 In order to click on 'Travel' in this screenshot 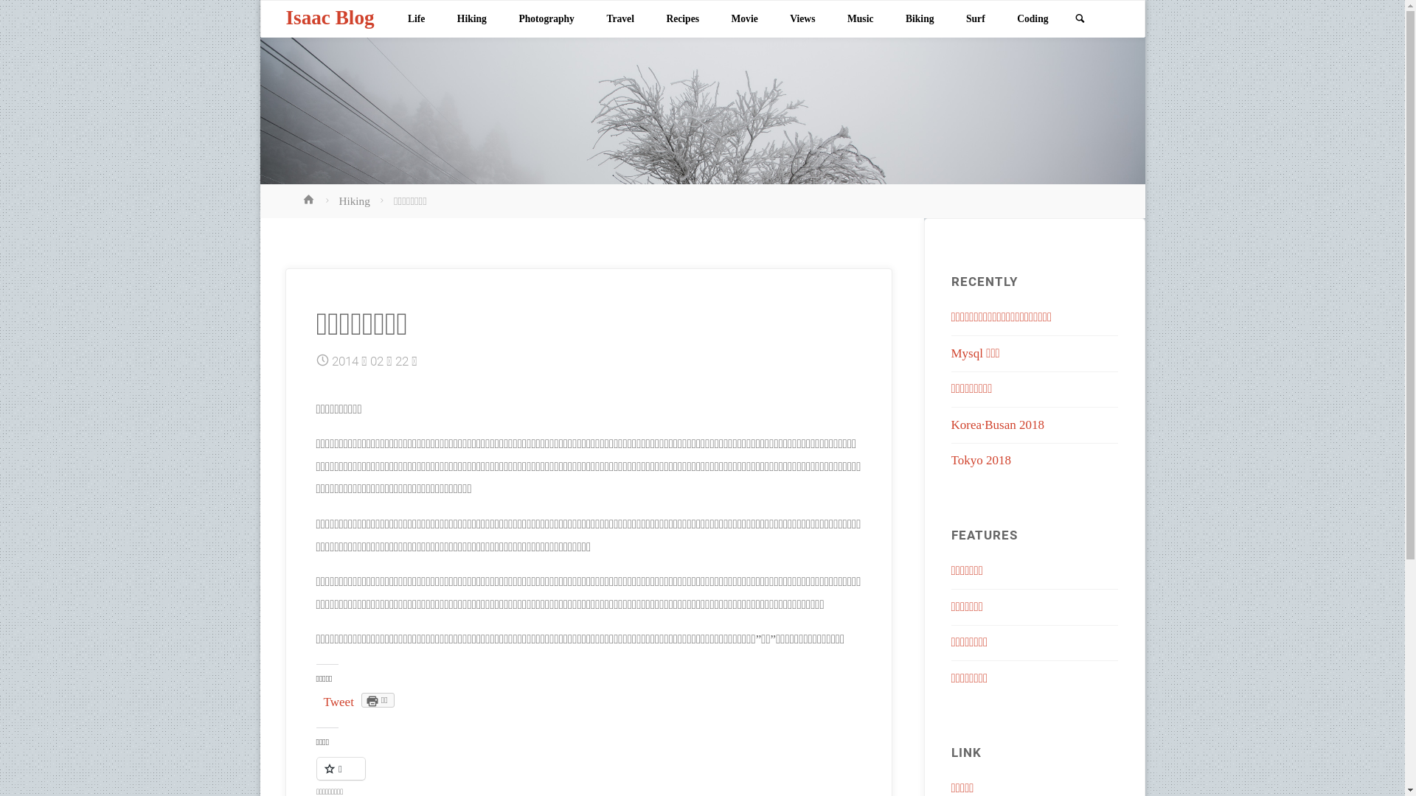, I will do `click(620, 19)`.